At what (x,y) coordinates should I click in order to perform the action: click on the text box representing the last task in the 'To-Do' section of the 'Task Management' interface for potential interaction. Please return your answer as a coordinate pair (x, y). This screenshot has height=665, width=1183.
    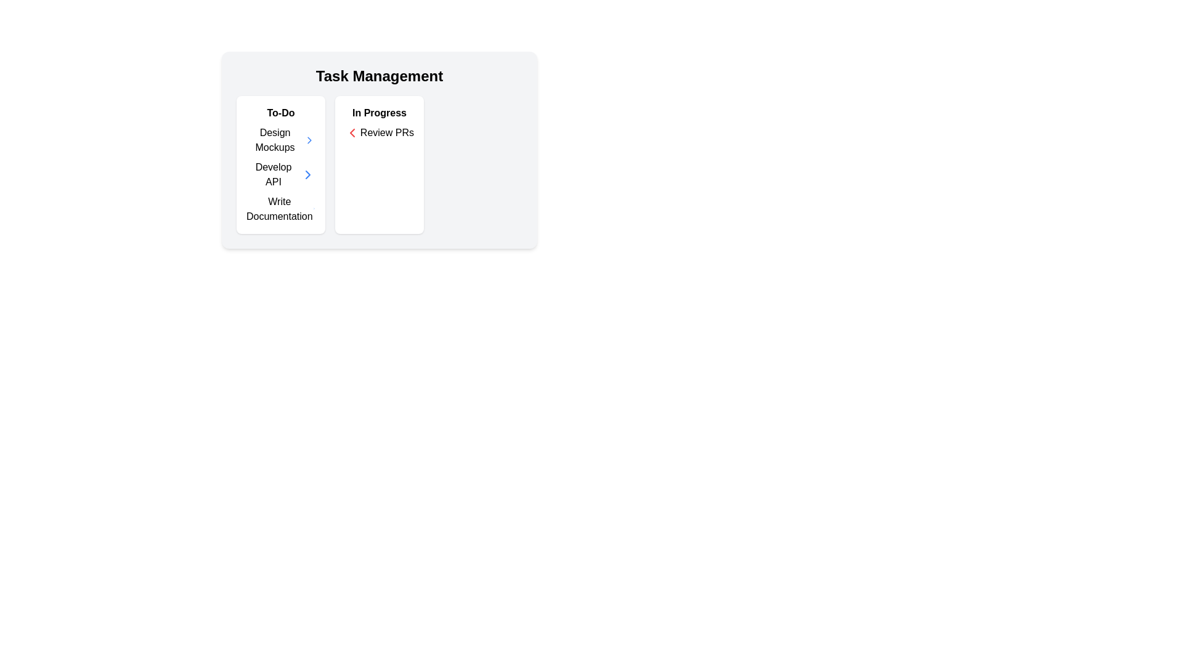
    Looking at the image, I should click on (278, 208).